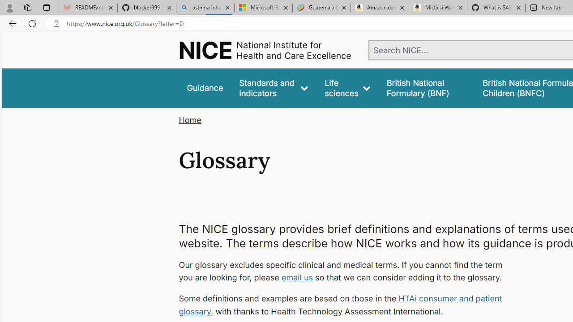  Describe the element at coordinates (205, 88) in the screenshot. I see `'Guidance'` at that location.